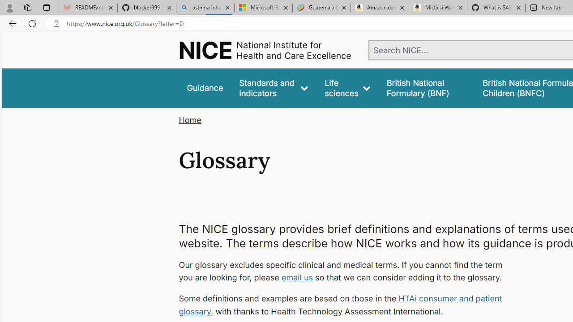  Describe the element at coordinates (205, 88) in the screenshot. I see `'Guidance'` at that location.